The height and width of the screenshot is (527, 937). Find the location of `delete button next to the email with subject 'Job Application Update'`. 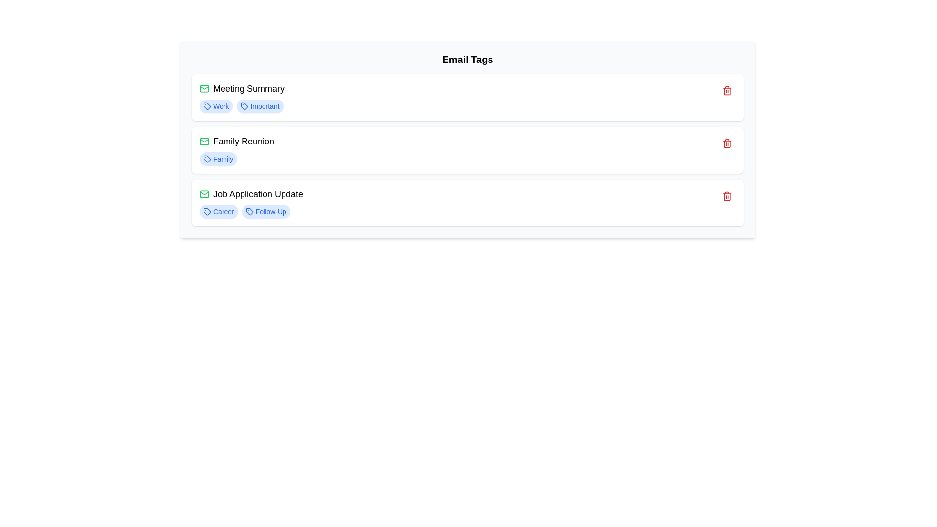

delete button next to the email with subject 'Job Application Update' is located at coordinates (727, 196).